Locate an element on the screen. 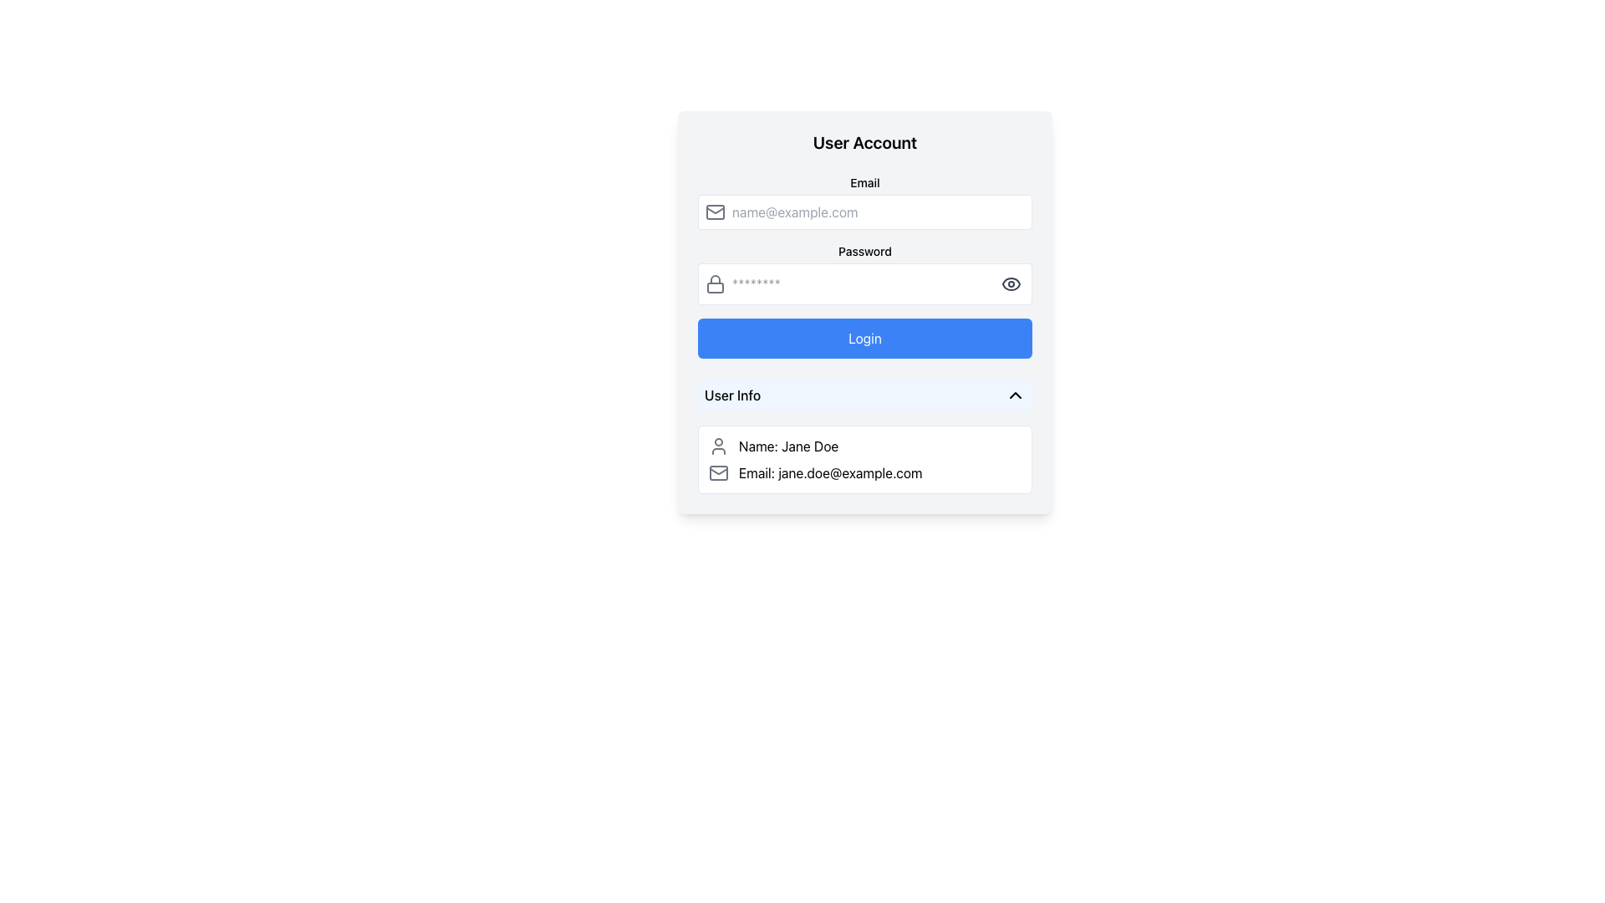 This screenshot has height=903, width=1605. the decorative SVG rectangle element that represents the body of the mail envelope icon, which is adjacent to the email input field on the account login interface is located at coordinates (715, 212).